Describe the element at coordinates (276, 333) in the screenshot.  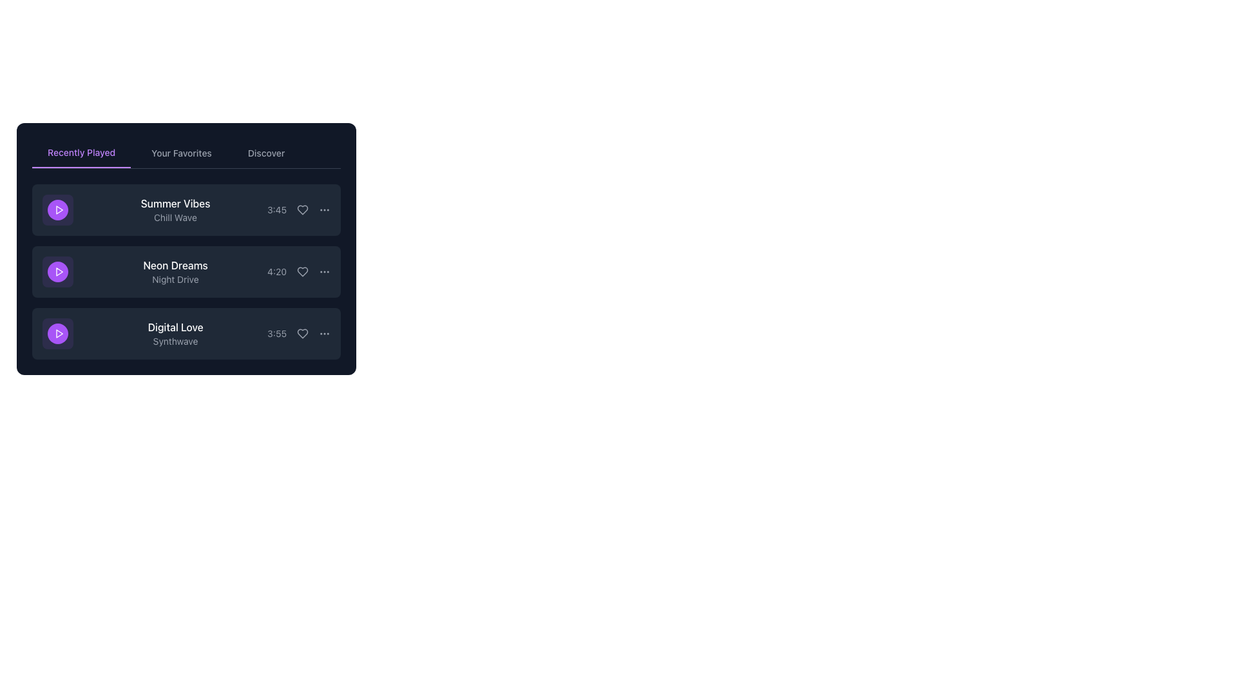
I see `value displayed in the Text Label showing the time '3:55', which is styled with gray color and positioned as the leftmost text element in the last entry of the vertical list` at that location.